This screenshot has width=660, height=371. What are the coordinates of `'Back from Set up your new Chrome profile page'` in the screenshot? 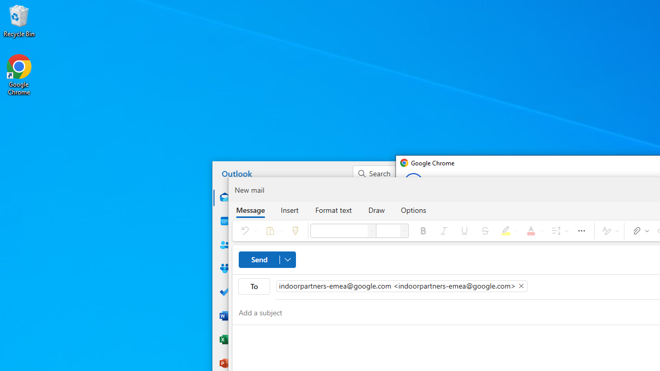 It's located at (413, 182).